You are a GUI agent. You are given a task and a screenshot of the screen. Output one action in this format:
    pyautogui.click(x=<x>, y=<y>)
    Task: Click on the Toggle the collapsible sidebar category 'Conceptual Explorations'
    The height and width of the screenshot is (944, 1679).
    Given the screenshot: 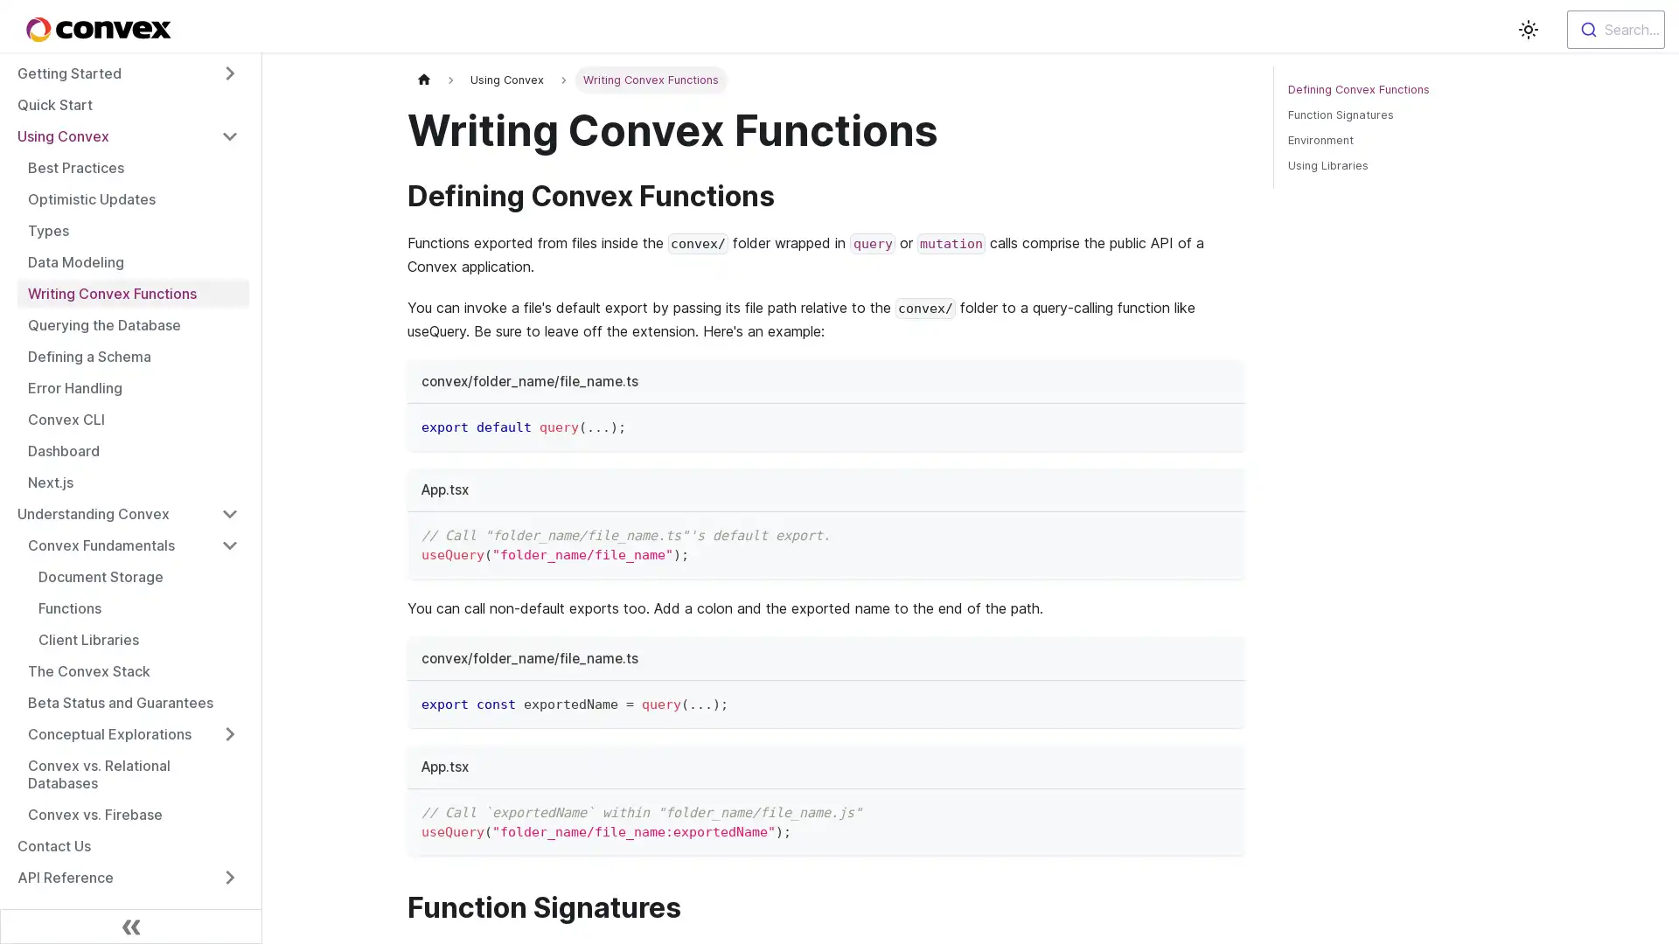 What is the action you would take?
    pyautogui.click(x=229, y=734)
    